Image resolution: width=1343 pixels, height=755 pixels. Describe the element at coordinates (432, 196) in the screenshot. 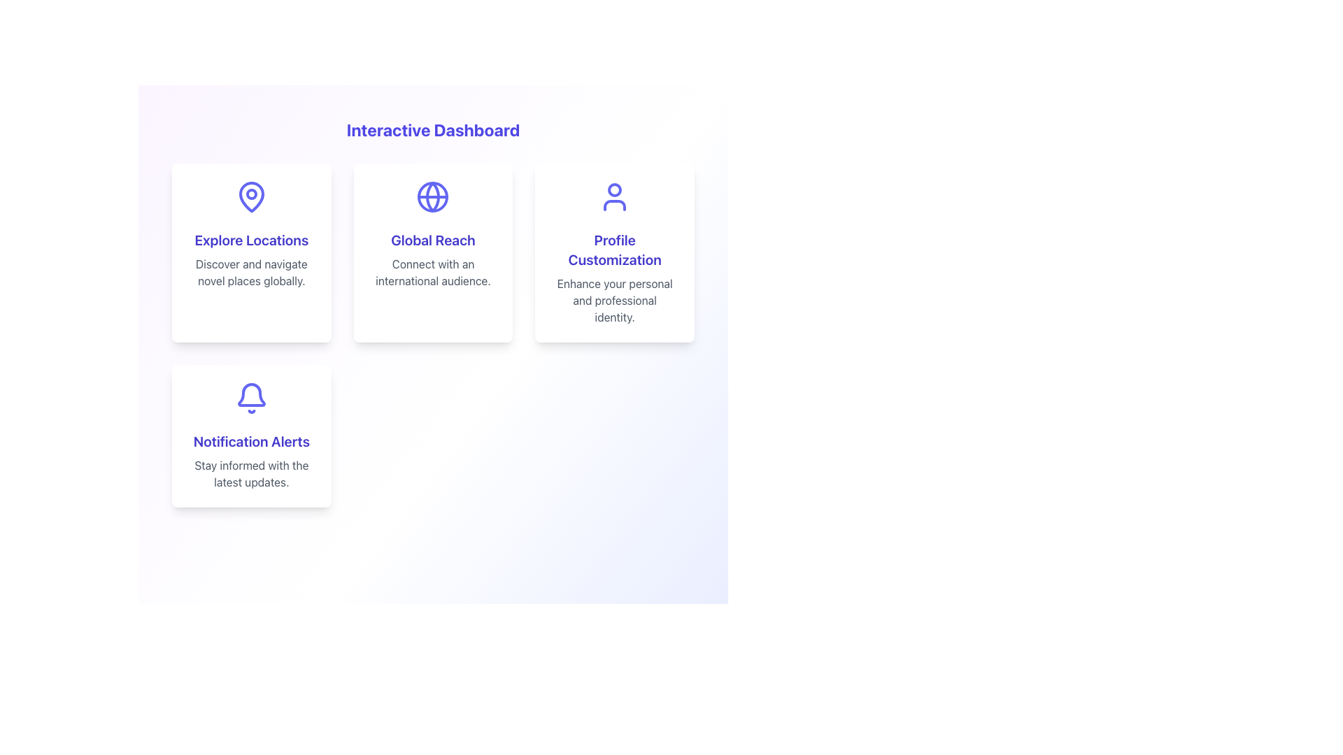

I see `the globe icon located at the top center of the 'Global Reach' card` at that location.